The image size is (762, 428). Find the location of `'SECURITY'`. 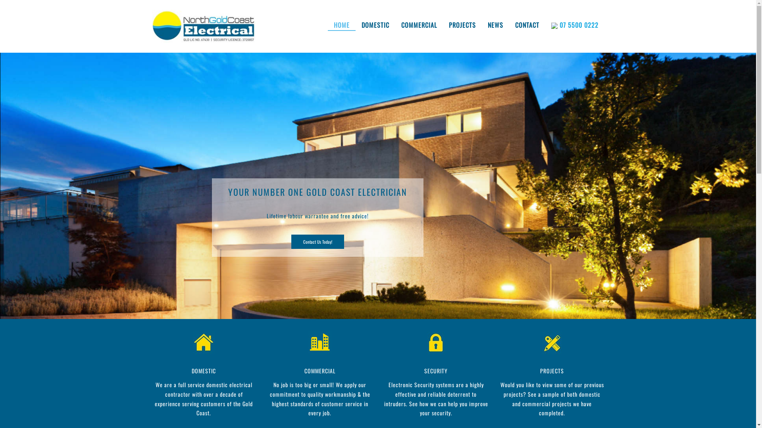

'SECURITY' is located at coordinates (435, 371).